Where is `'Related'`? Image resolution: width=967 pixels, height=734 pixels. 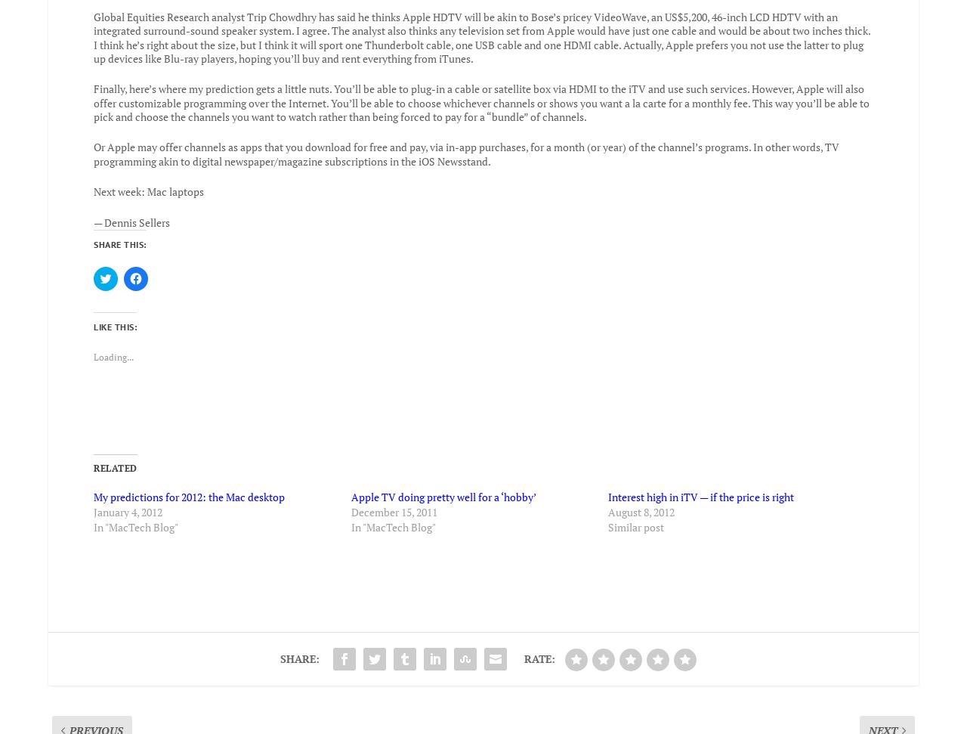 'Related' is located at coordinates (114, 457).